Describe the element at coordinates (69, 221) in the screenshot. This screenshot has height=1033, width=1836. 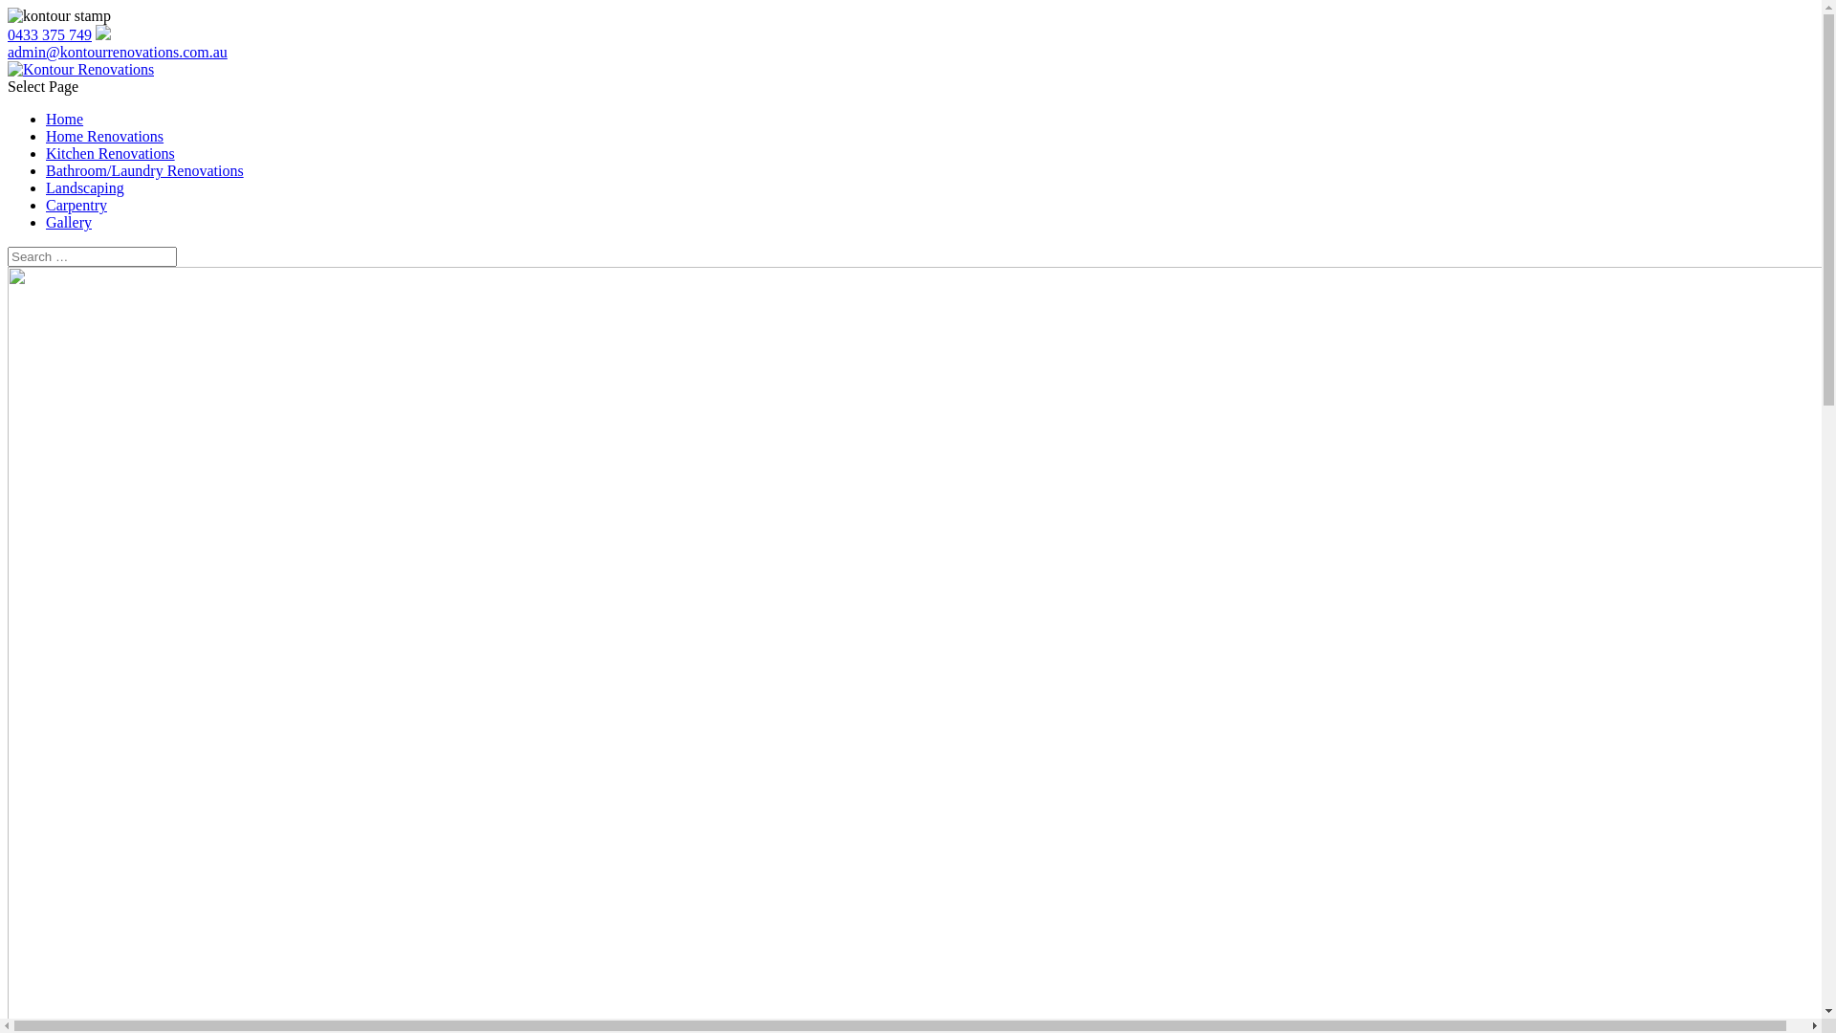
I see `'Gallery'` at that location.